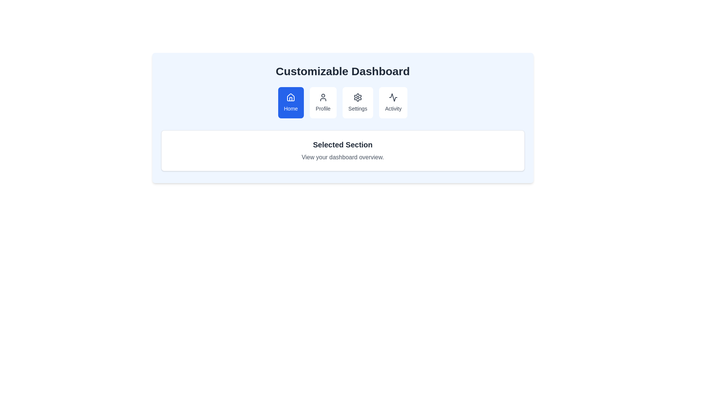  Describe the element at coordinates (357, 103) in the screenshot. I see `the 'Settings' button, which has a square white background and a gear icon` at that location.